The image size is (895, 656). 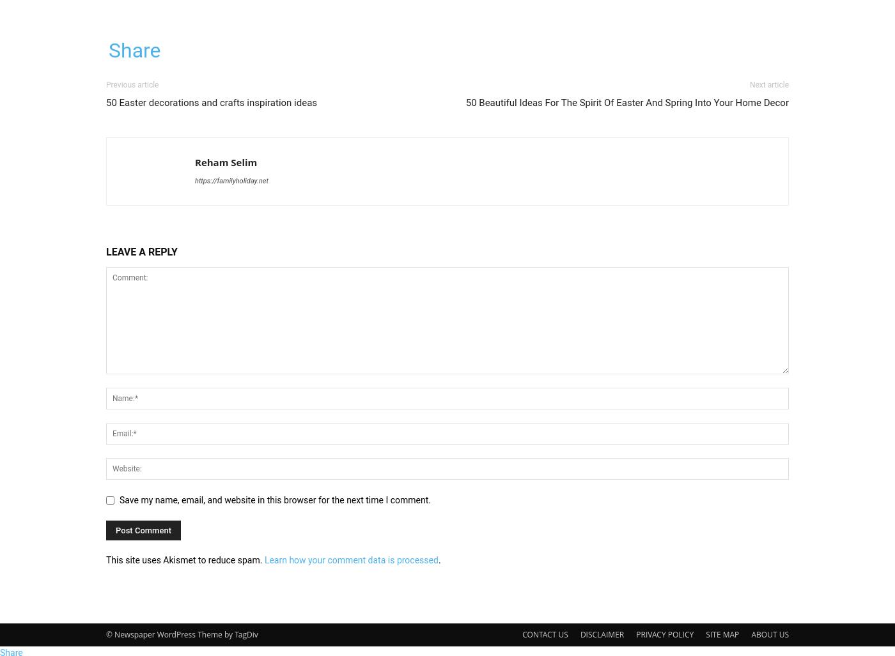 What do you see at coordinates (439, 559) in the screenshot?
I see `'.'` at bounding box center [439, 559].